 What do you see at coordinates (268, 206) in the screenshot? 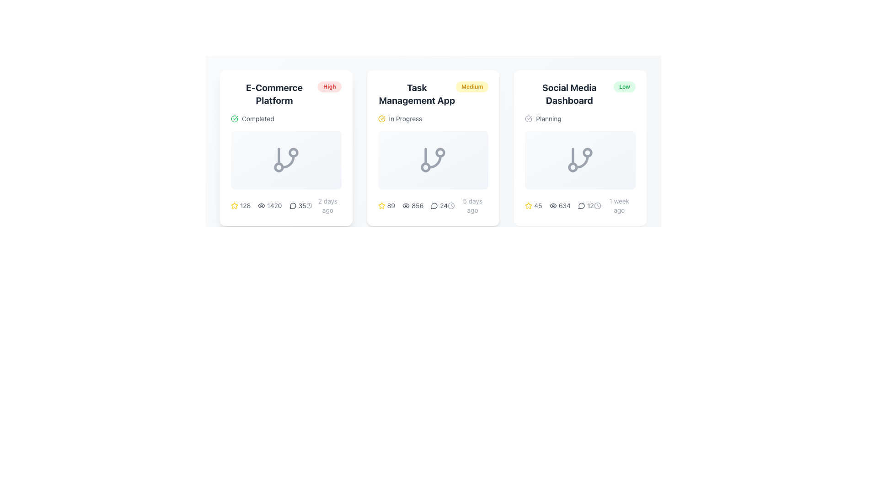
I see `the textual counter element displaying '1420' located in the statistics bar at the bottom of the first card on the E-Commerce Platform` at bounding box center [268, 206].